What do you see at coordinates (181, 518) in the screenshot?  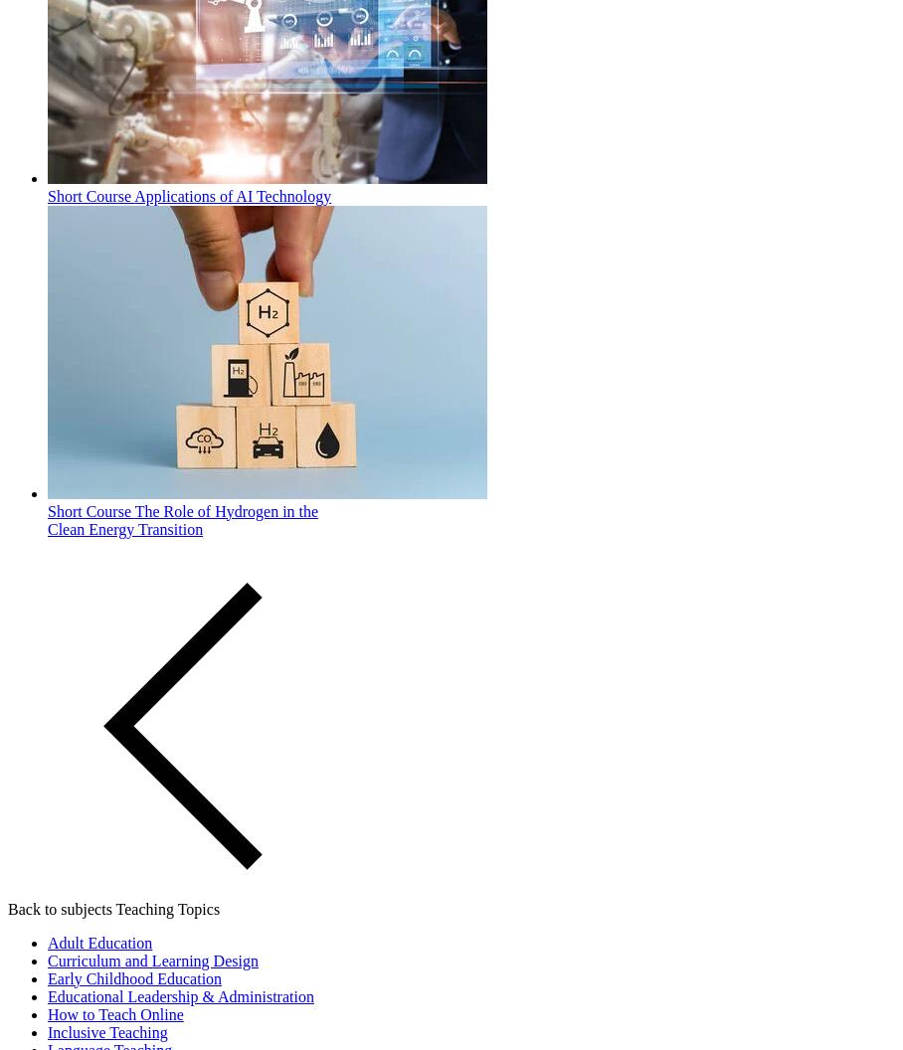 I see `'The Role of Hydrogen in the Clean Energy Transition'` at bounding box center [181, 518].